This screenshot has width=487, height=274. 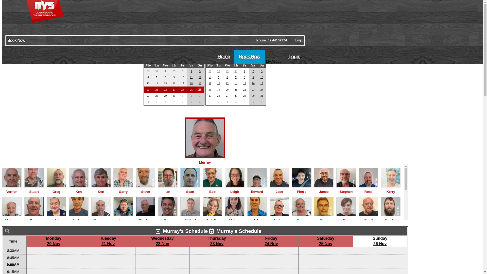 What do you see at coordinates (271, 241) in the screenshot?
I see `'Friday` at bounding box center [271, 241].